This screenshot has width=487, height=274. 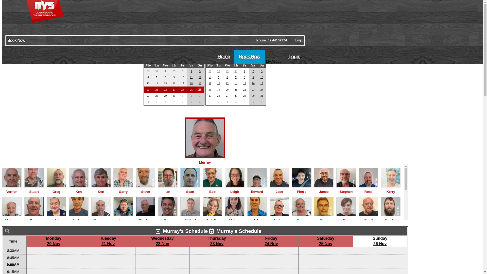 What do you see at coordinates (271, 241) in the screenshot?
I see `'Friday` at bounding box center [271, 241].